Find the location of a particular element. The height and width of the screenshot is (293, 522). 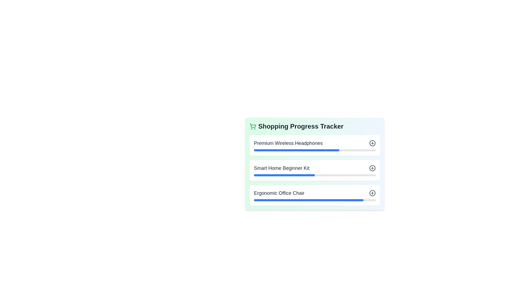

the text label denoting the name of the shopping list item, specifically 'Ergonomic Office Chair', located at the lower part of the shopping tracker interface is located at coordinates (279, 193).